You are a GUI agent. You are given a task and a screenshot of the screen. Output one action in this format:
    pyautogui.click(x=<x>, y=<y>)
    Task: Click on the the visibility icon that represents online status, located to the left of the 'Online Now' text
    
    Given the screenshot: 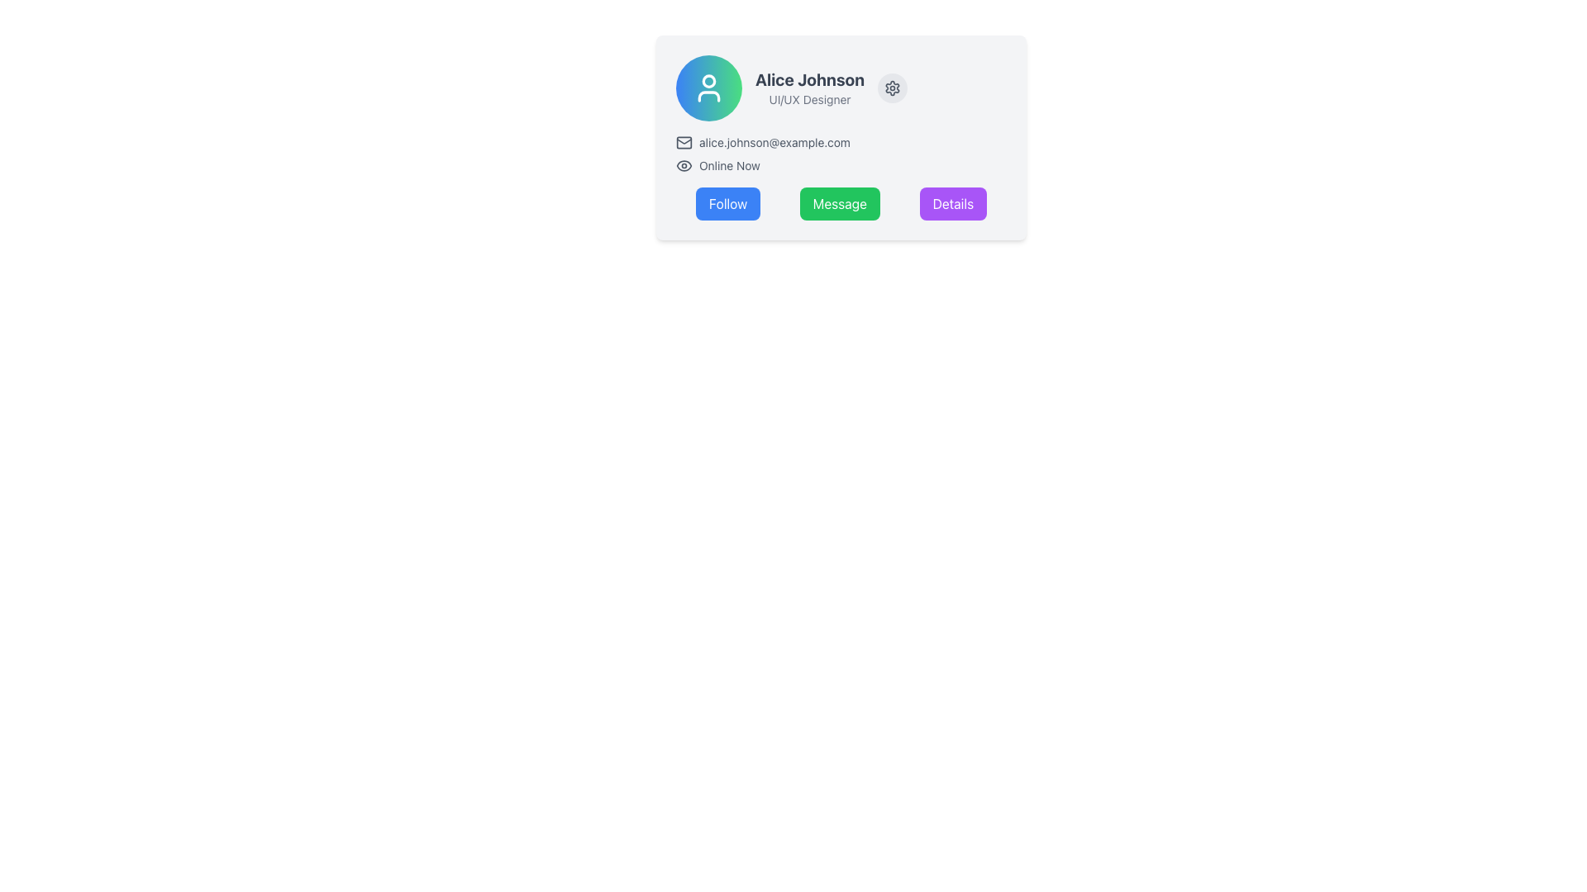 What is the action you would take?
    pyautogui.click(x=684, y=165)
    